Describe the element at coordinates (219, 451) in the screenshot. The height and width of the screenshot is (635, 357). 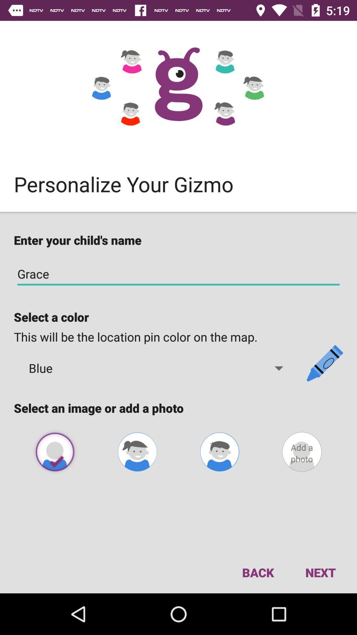
I see `filter` at that location.